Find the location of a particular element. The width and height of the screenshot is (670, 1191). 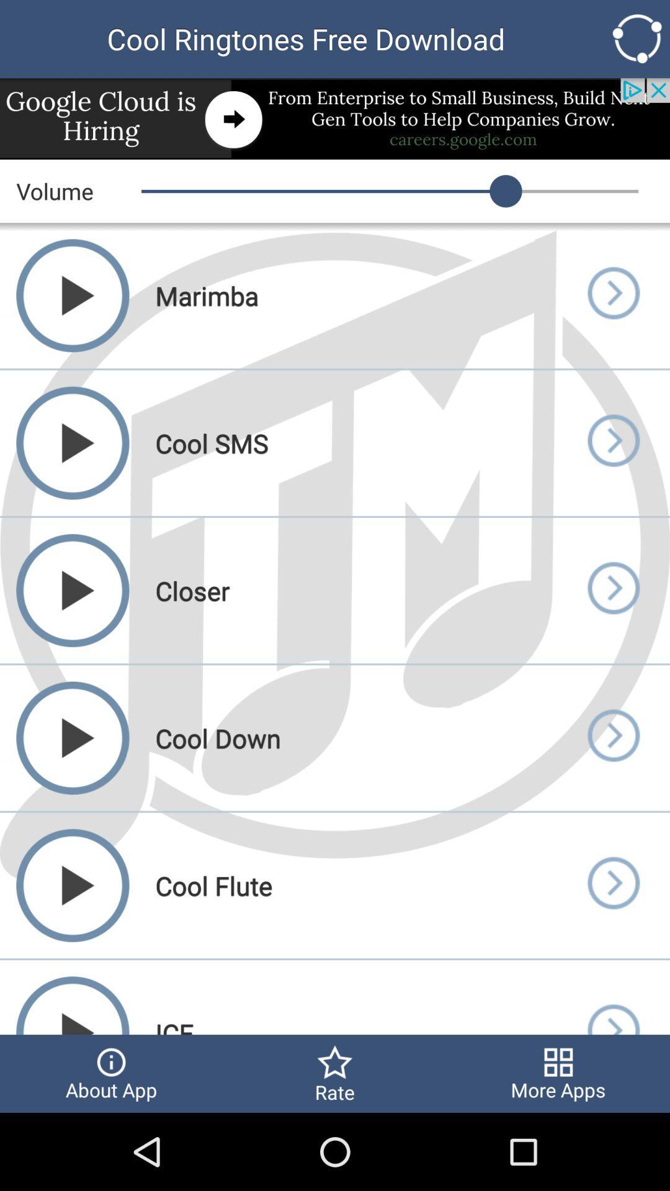

song is located at coordinates (612, 590).